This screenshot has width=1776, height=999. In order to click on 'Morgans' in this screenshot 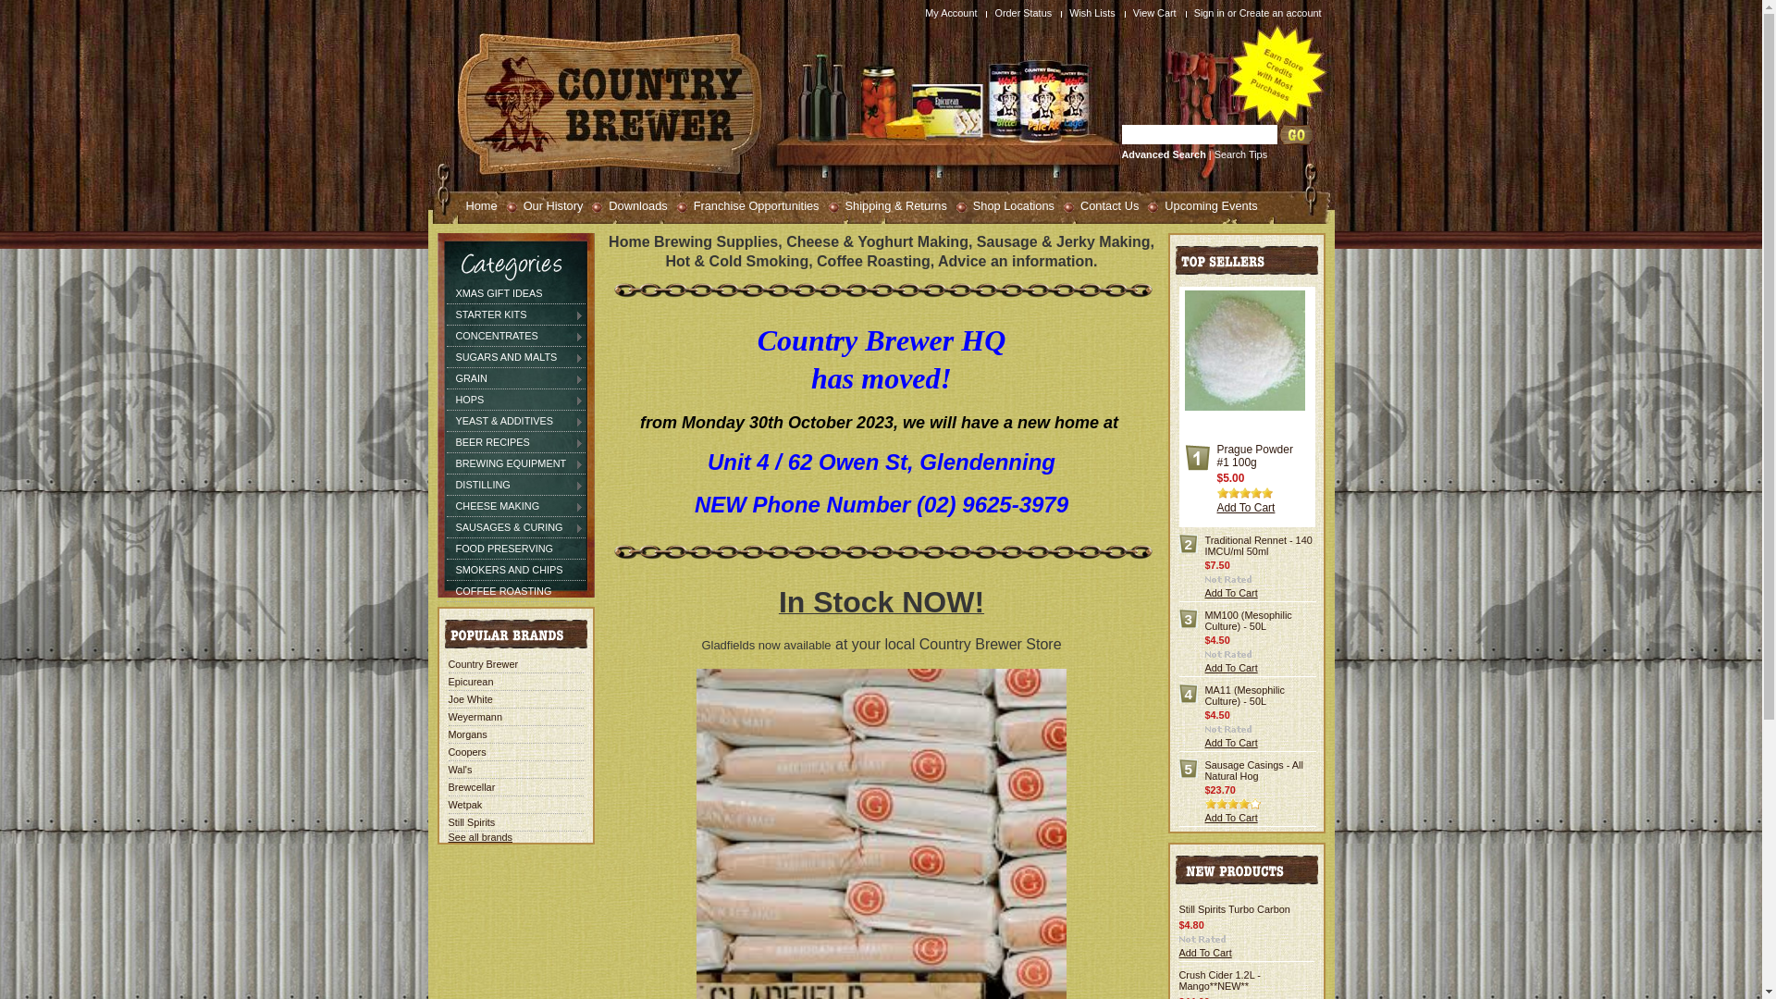, I will do `click(466, 734)`.